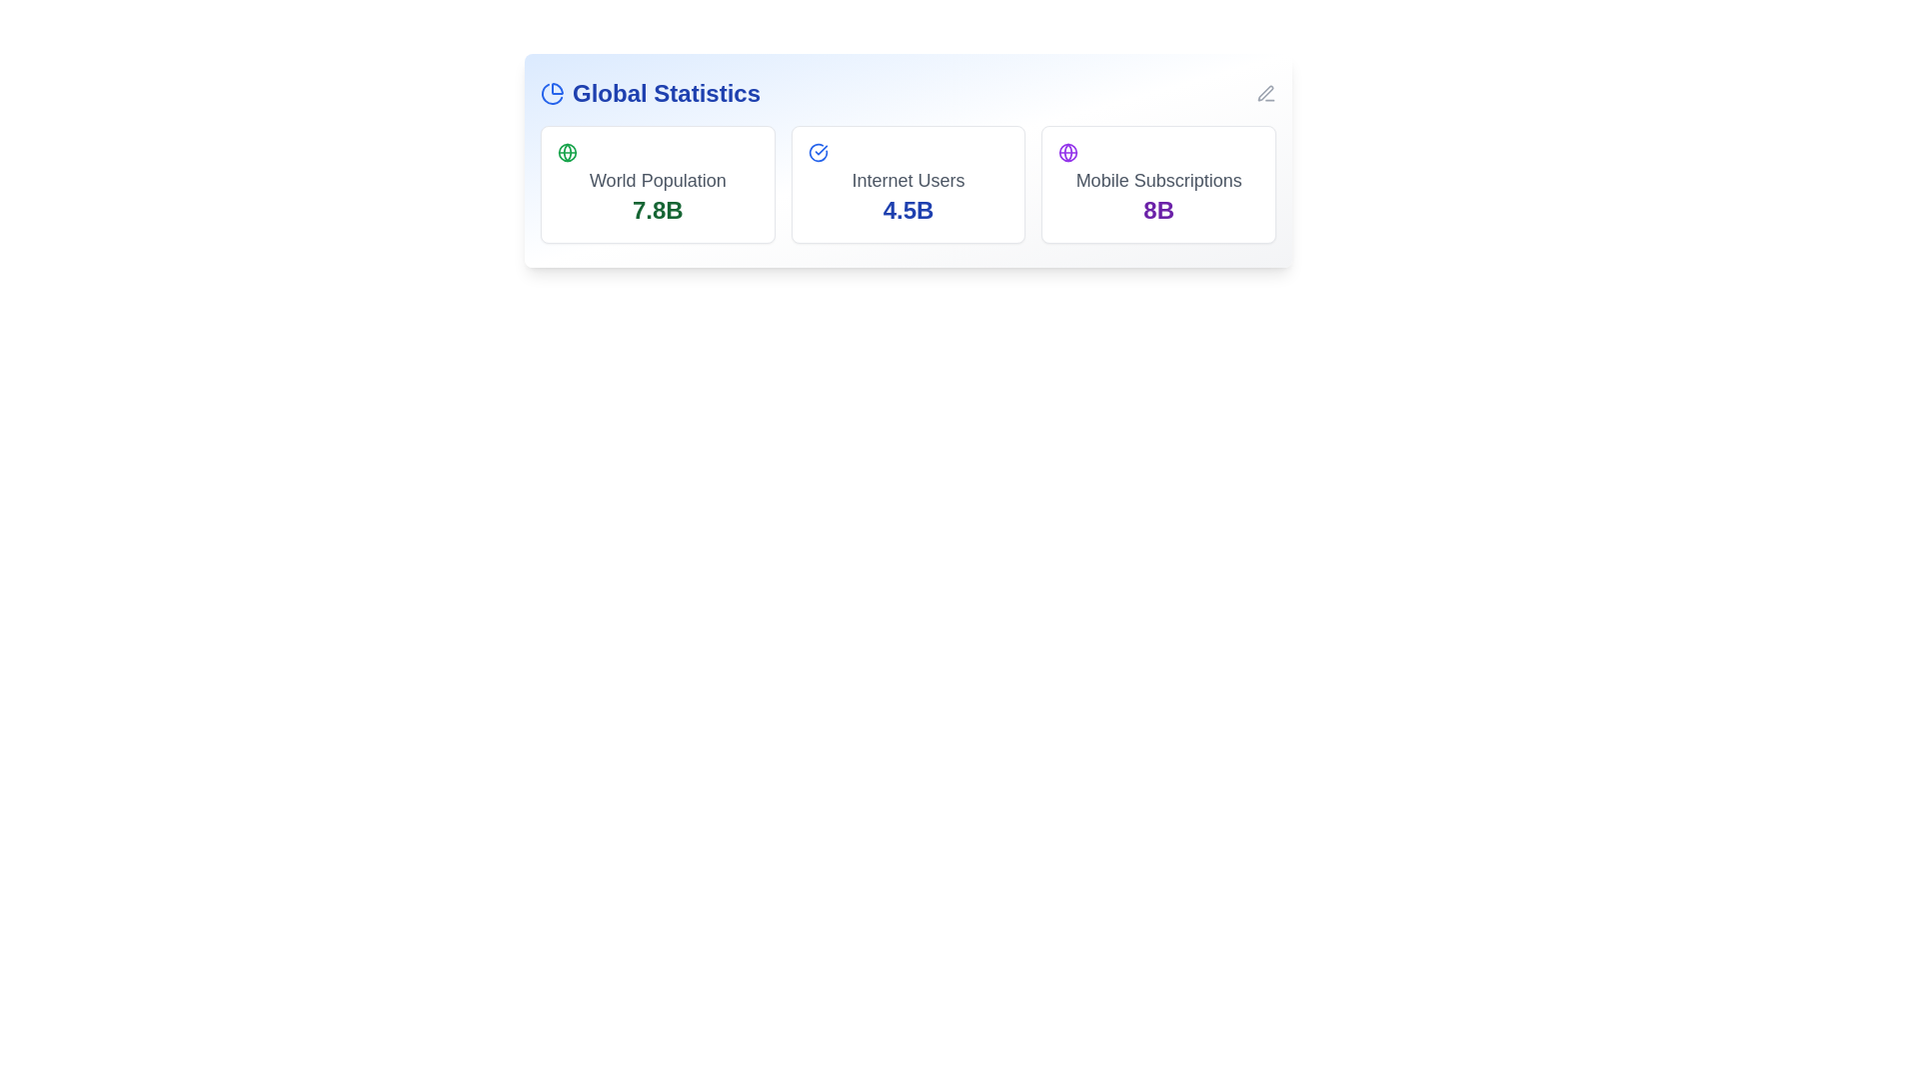 The image size is (1919, 1079). Describe the element at coordinates (566, 152) in the screenshot. I see `the icon that represents global data on the 'World Population' information card, located in the upper-left corner preceding the text header 'World Population'` at that location.